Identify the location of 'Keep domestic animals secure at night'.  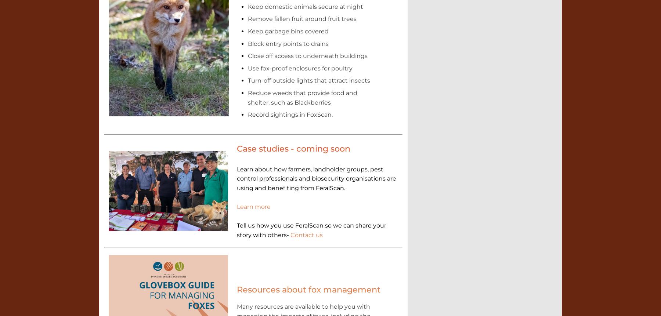
(305, 6).